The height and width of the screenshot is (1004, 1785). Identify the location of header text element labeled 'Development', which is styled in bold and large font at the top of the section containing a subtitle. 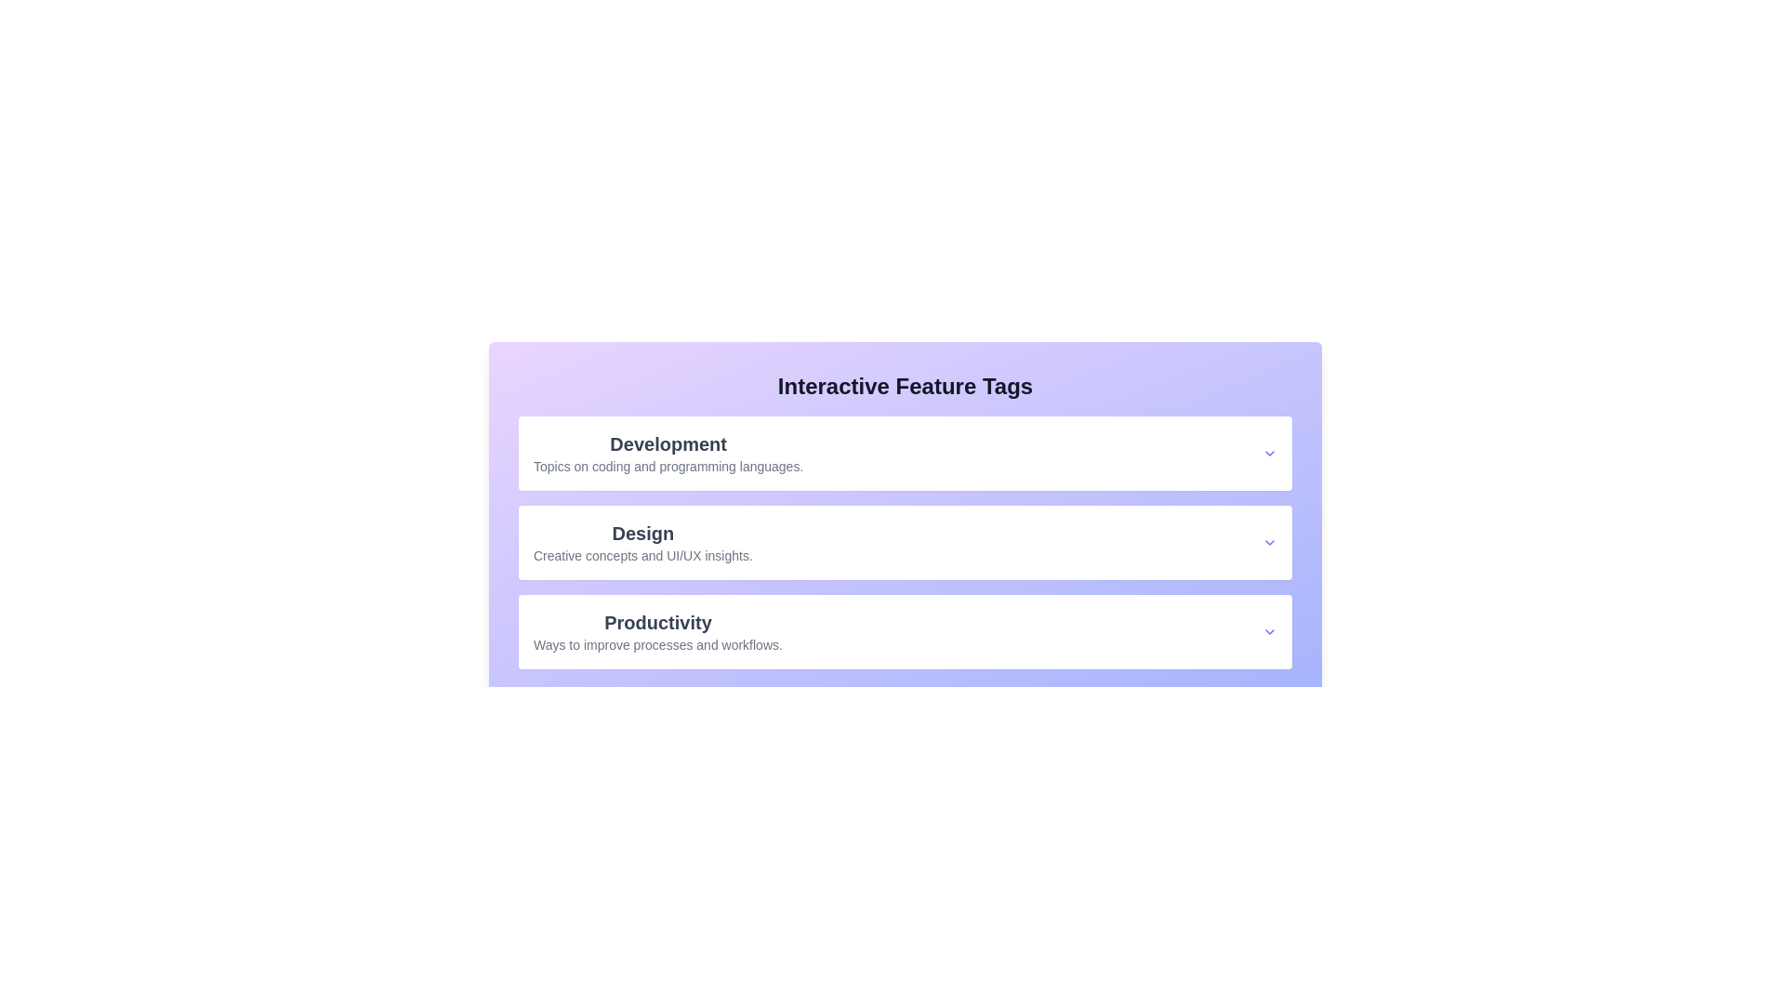
(668, 444).